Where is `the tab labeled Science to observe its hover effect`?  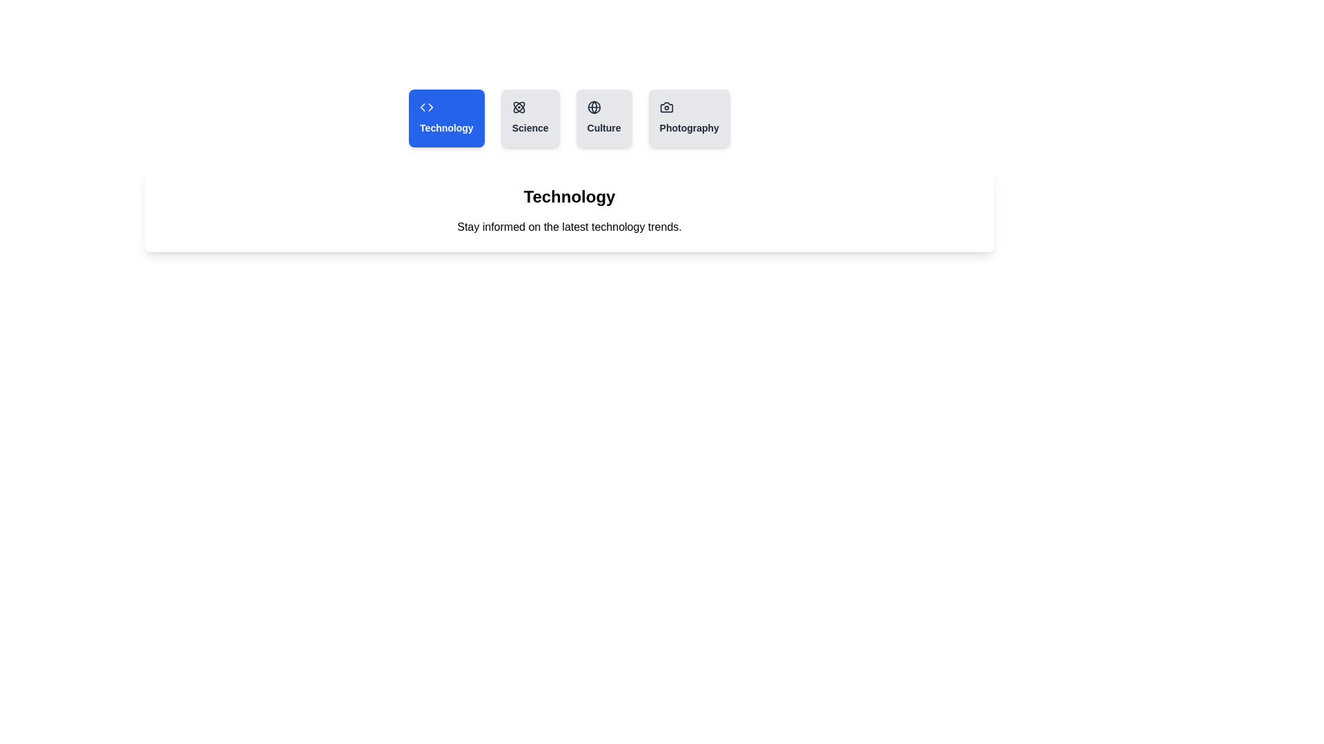
the tab labeled Science to observe its hover effect is located at coordinates (530, 118).